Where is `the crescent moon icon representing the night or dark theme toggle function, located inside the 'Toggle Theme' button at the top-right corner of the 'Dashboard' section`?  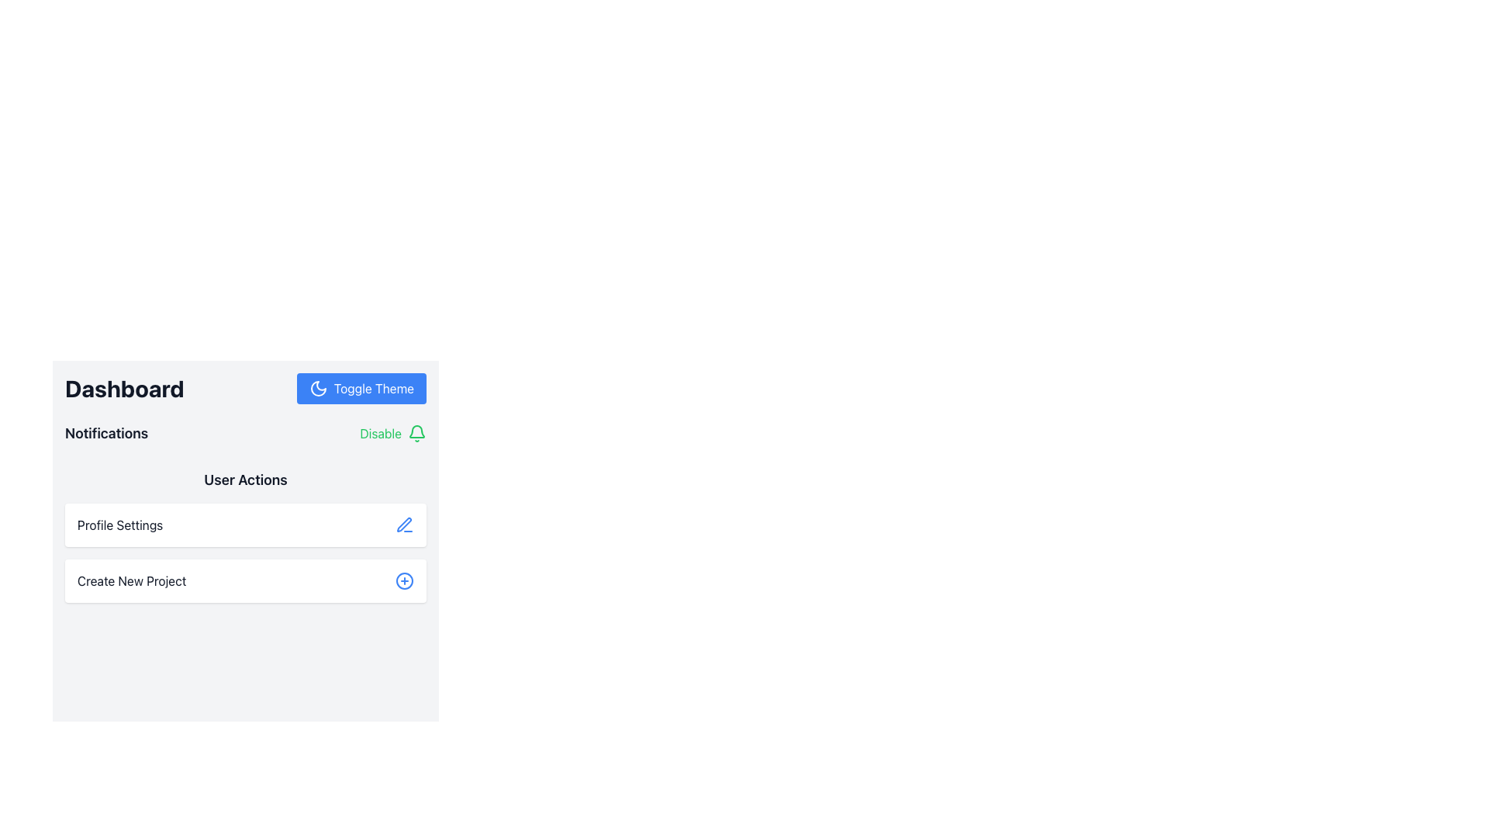
the crescent moon icon representing the night or dark theme toggle function, located inside the 'Toggle Theme' button at the top-right corner of the 'Dashboard' section is located at coordinates (317, 388).